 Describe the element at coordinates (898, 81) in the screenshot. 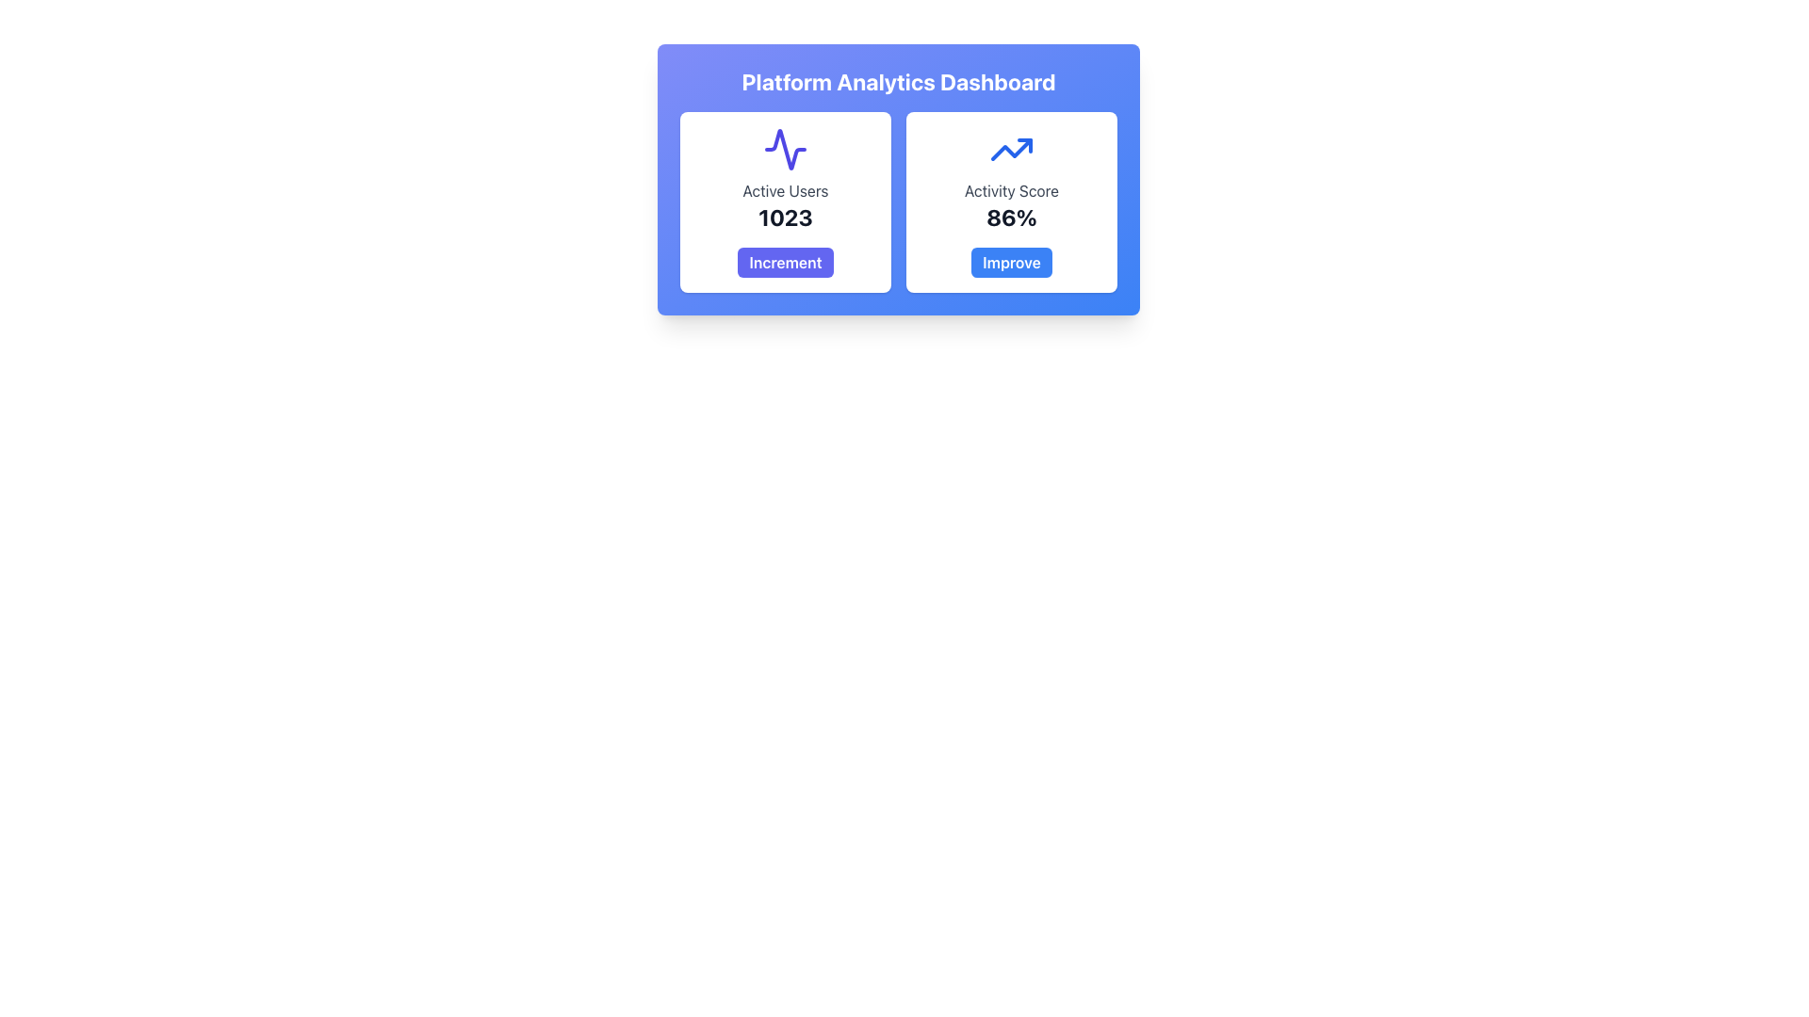

I see `the text heading displaying 'Platform Analytics Dashboard' in bold, large white text located at the top of the centered card` at that location.